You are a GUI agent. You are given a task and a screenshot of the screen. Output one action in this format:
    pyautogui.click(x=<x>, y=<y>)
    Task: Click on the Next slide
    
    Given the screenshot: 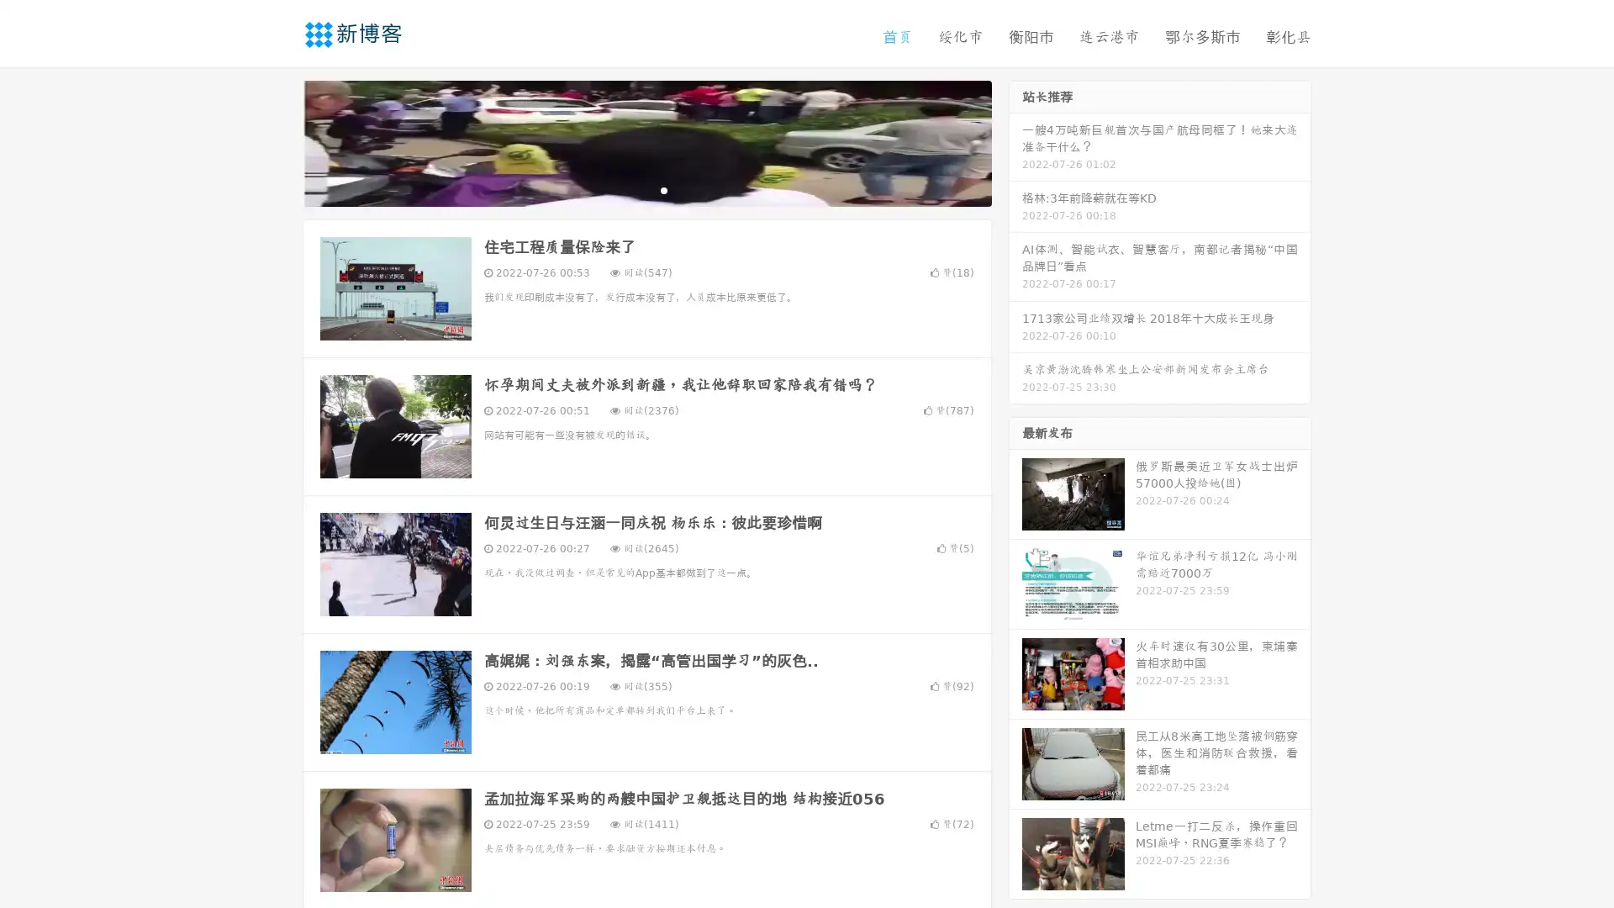 What is the action you would take?
    pyautogui.click(x=1015, y=141)
    